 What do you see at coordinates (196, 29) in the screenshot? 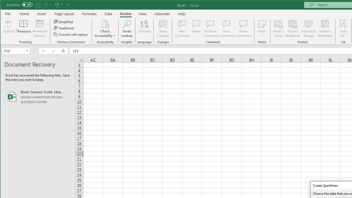
I see `'Delete'` at bounding box center [196, 29].